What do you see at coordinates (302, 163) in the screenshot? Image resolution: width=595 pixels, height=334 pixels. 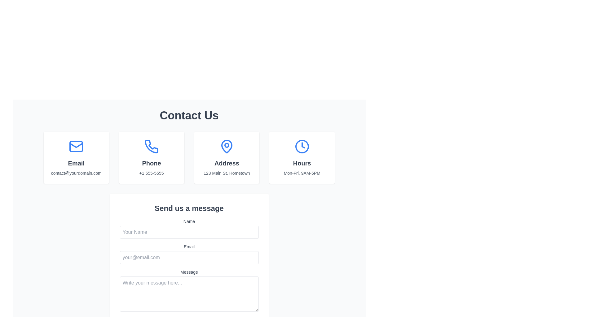 I see `the bold gray text label 'Hours' which is centrally positioned in the fourth section of contact options, above the clock icon and below the description 'Mon-Fri, 9AM-5PM'` at bounding box center [302, 163].